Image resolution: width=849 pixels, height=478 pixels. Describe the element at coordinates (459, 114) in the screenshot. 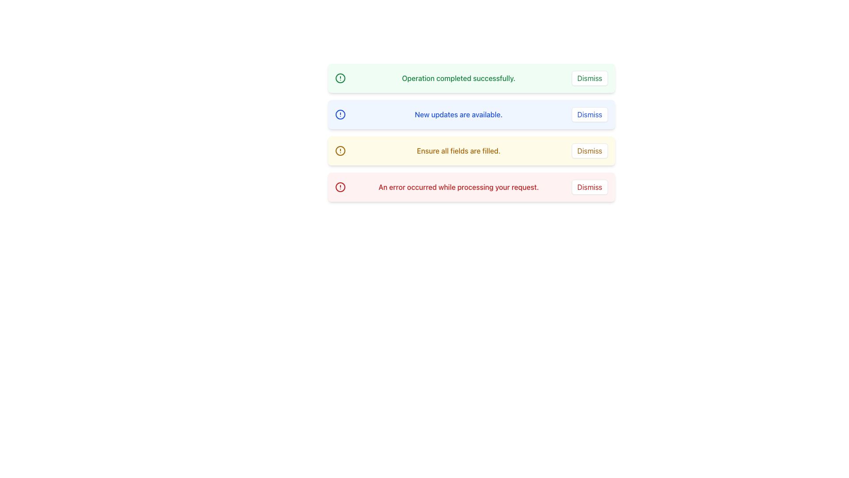

I see `the informational Text Label indicating new updates, located in the second notification bar adjacent to the circular alert icon and dismiss button` at that location.